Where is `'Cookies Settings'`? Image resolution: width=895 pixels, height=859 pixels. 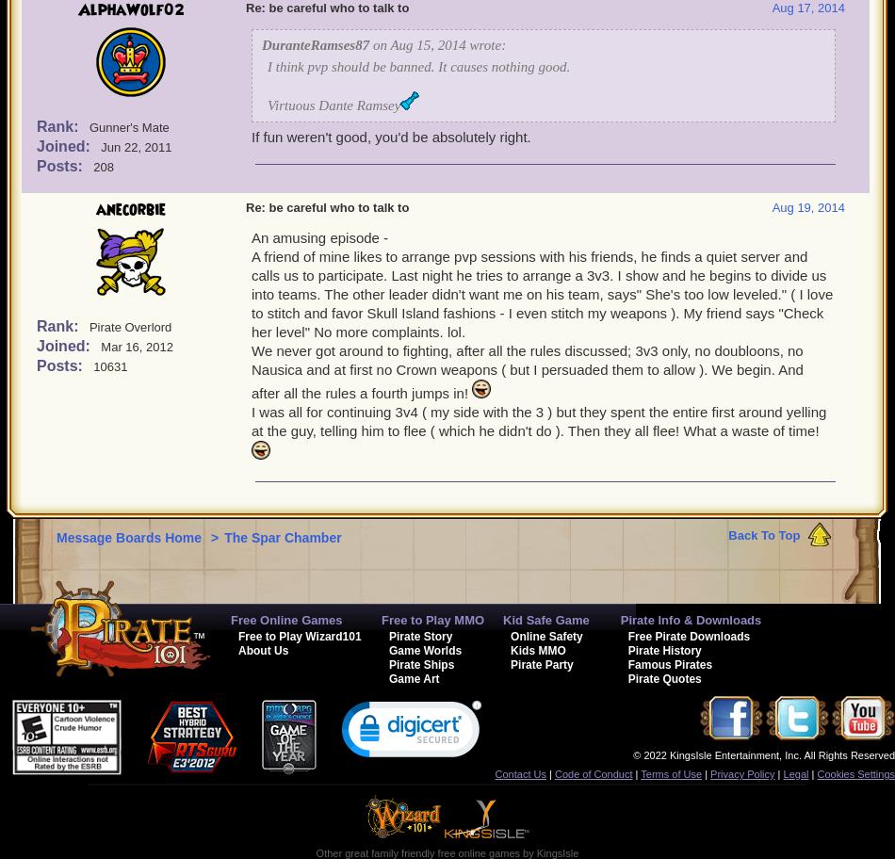 'Cookies Settings' is located at coordinates (854, 772).